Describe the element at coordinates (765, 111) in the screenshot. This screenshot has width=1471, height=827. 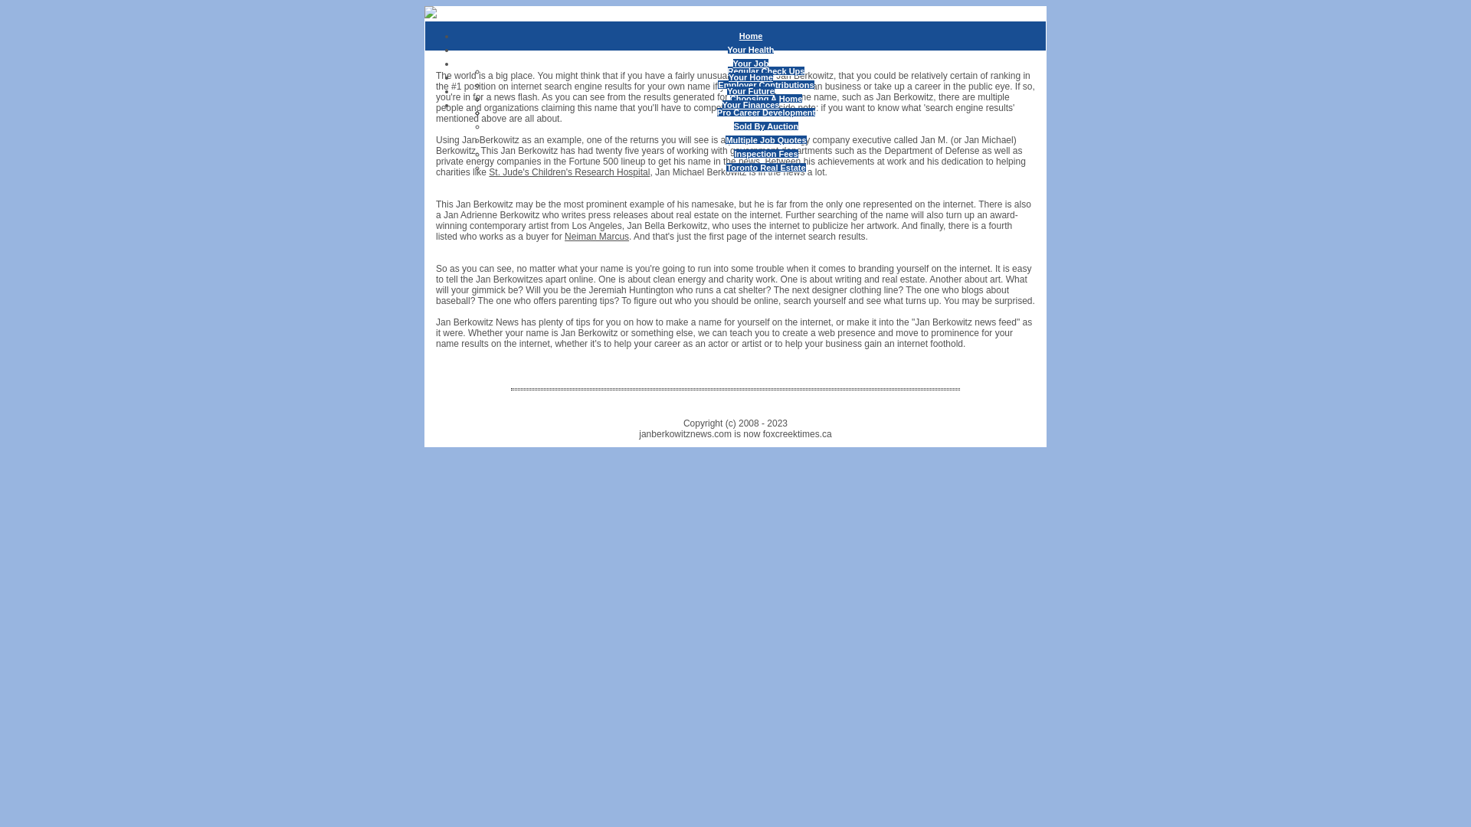
I see `'Protect What Is Yours'` at that location.